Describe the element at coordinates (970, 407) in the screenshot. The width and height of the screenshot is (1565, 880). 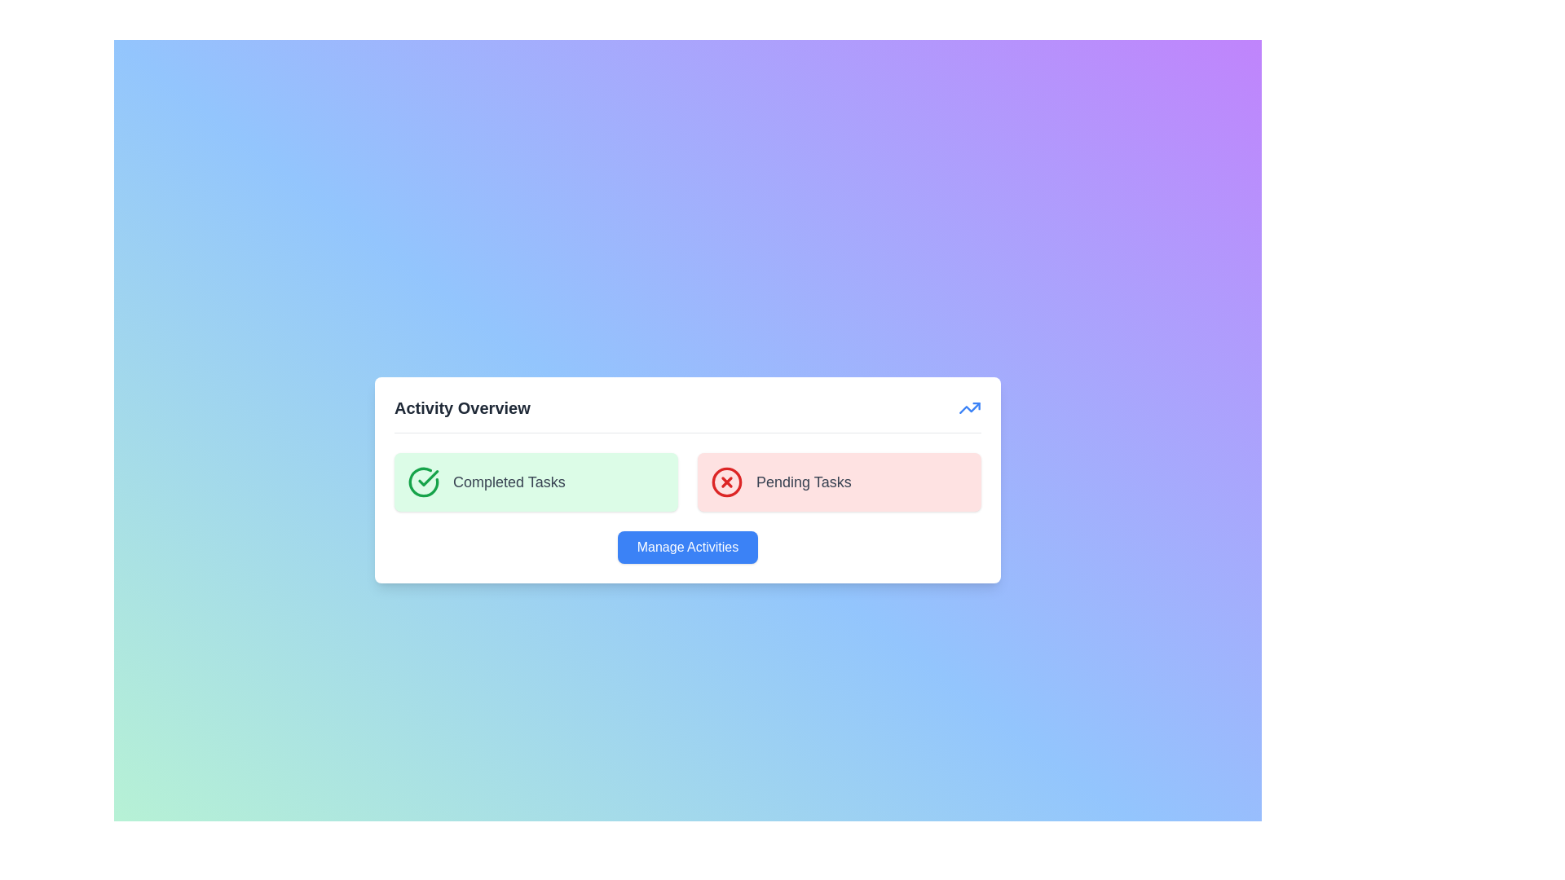
I see `the progress icon located at the top-right corner of the card next to the 'Activity Overview' title for information` at that location.